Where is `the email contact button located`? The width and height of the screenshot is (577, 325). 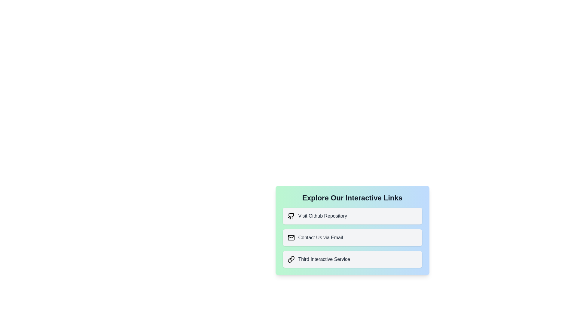 the email contact button located is located at coordinates (352, 237).